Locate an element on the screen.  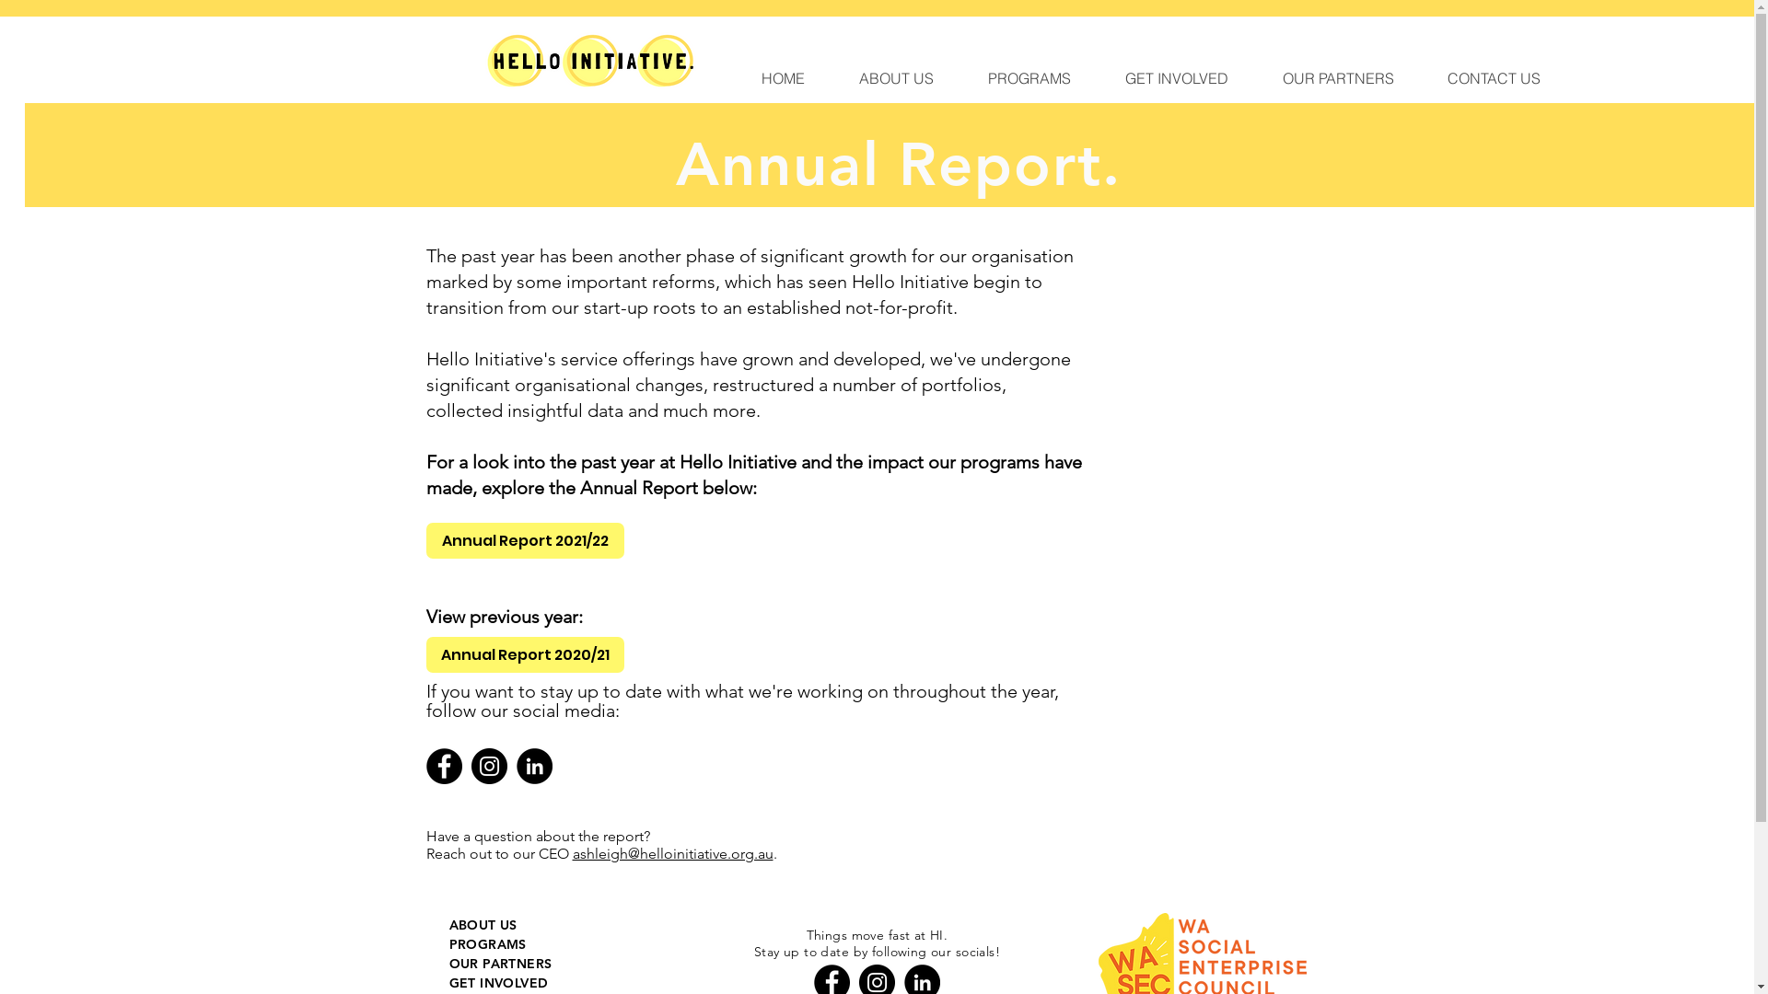
'Annual Report 2021/22' is located at coordinates (424, 539).